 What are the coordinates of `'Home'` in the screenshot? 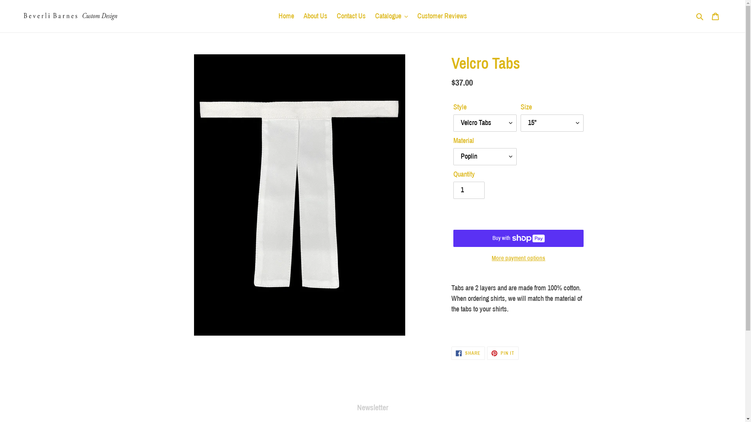 It's located at (274, 16).